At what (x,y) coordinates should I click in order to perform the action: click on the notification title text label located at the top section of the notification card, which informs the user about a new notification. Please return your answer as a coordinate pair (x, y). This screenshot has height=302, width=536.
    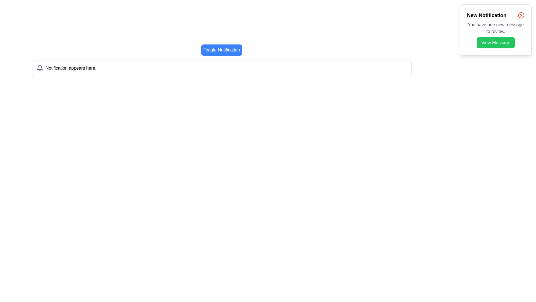
    Looking at the image, I should click on (486, 15).